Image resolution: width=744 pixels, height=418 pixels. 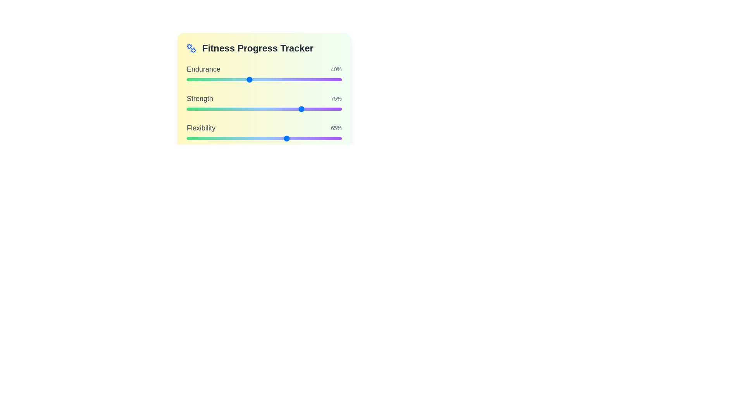 I want to click on the third progress bar of the 'Fitness Progress Tracker', so click(x=264, y=132).